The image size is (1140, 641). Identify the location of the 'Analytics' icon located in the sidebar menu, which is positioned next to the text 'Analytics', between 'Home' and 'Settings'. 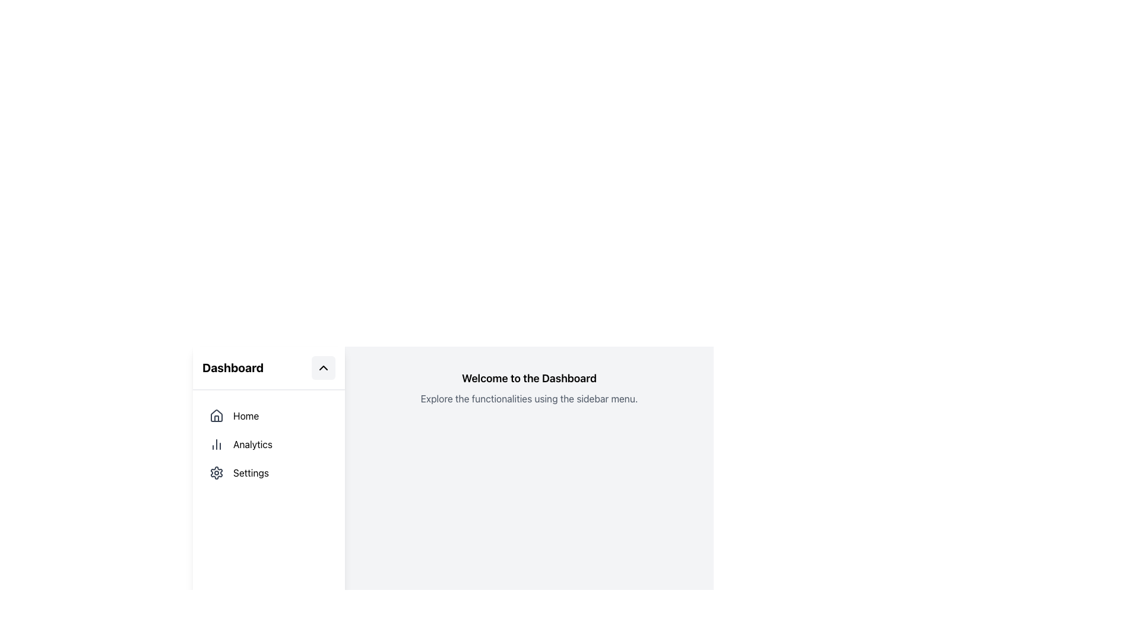
(216, 444).